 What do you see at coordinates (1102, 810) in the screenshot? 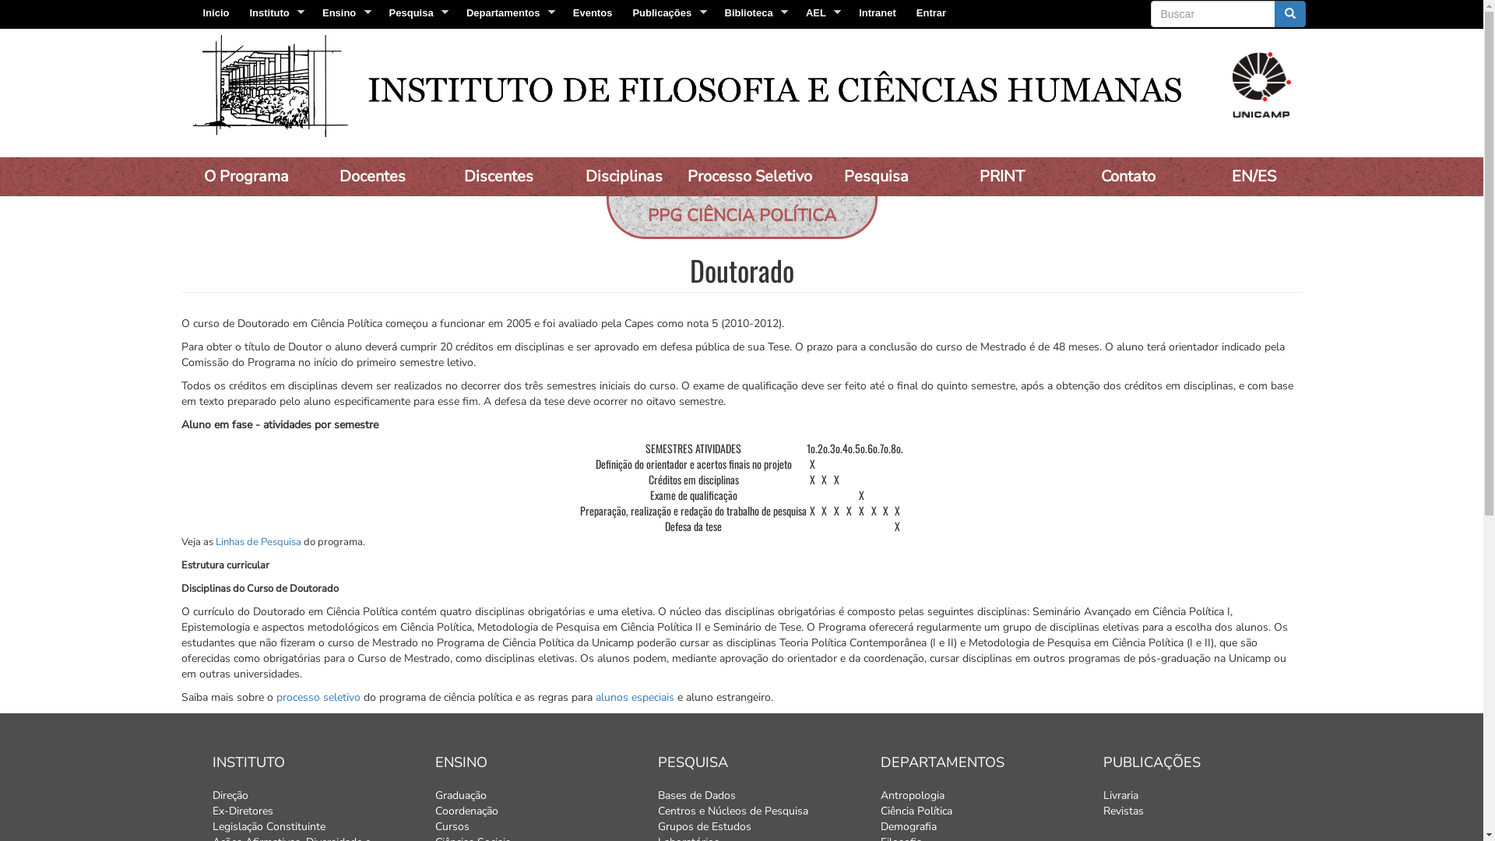
I see `'Revistas'` at bounding box center [1102, 810].